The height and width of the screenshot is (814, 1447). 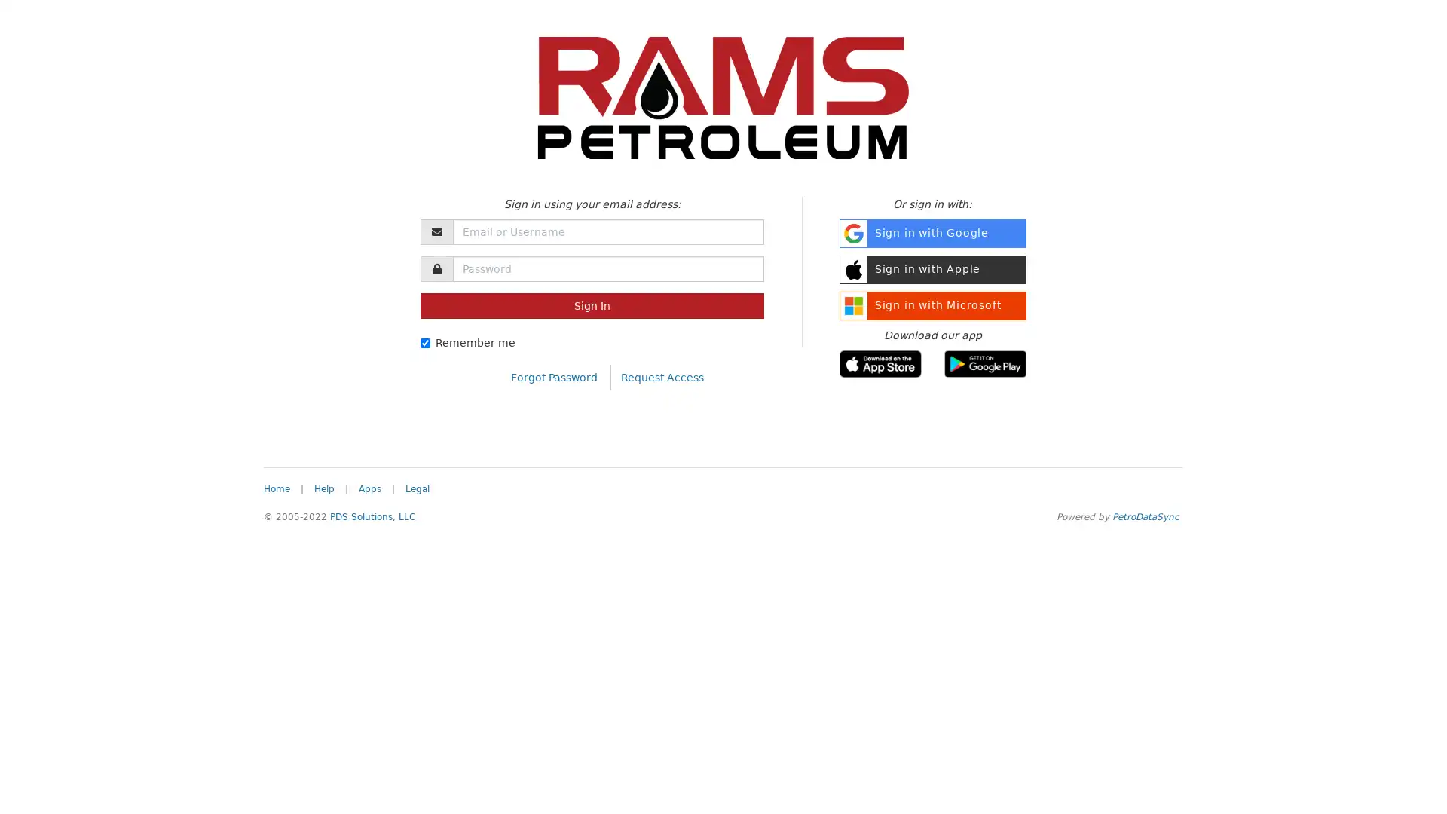 I want to click on Sign In, so click(x=592, y=305).